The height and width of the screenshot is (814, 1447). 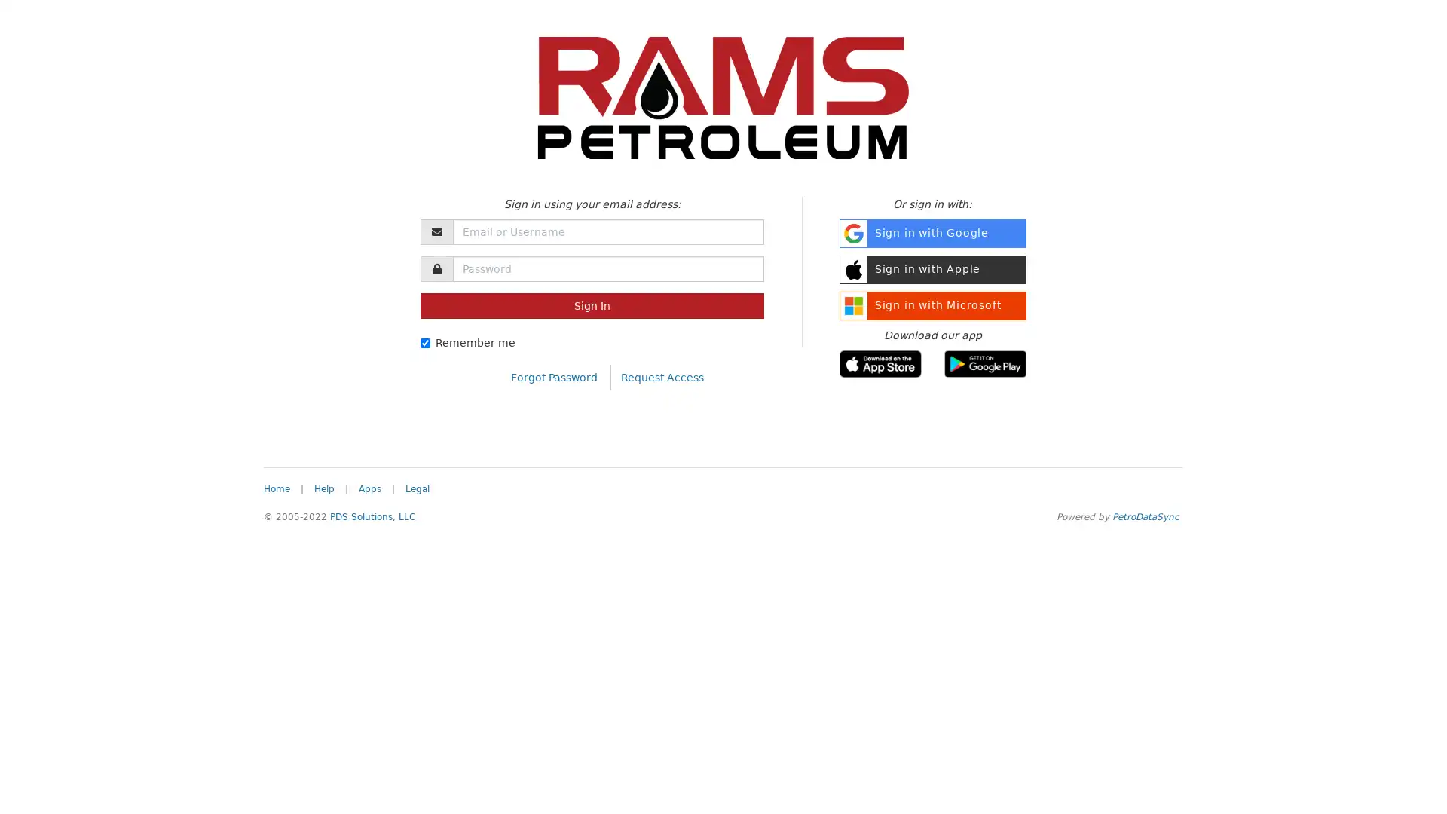 I want to click on Sign In, so click(x=592, y=305).